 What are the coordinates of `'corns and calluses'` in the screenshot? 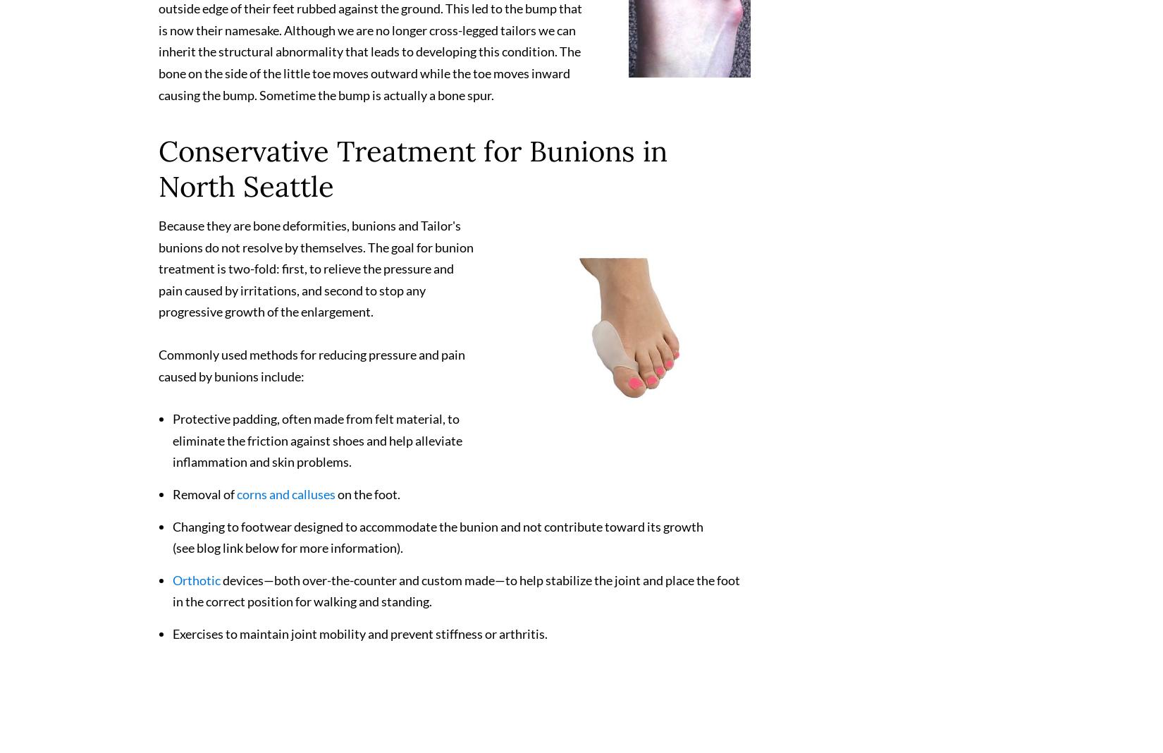 It's located at (236, 501).